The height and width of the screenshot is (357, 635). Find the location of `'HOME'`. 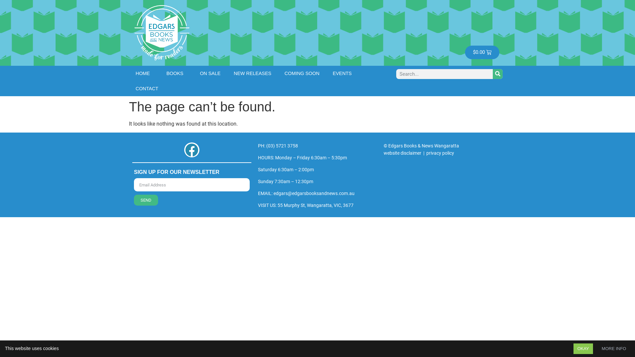

'HOME' is located at coordinates (144, 73).